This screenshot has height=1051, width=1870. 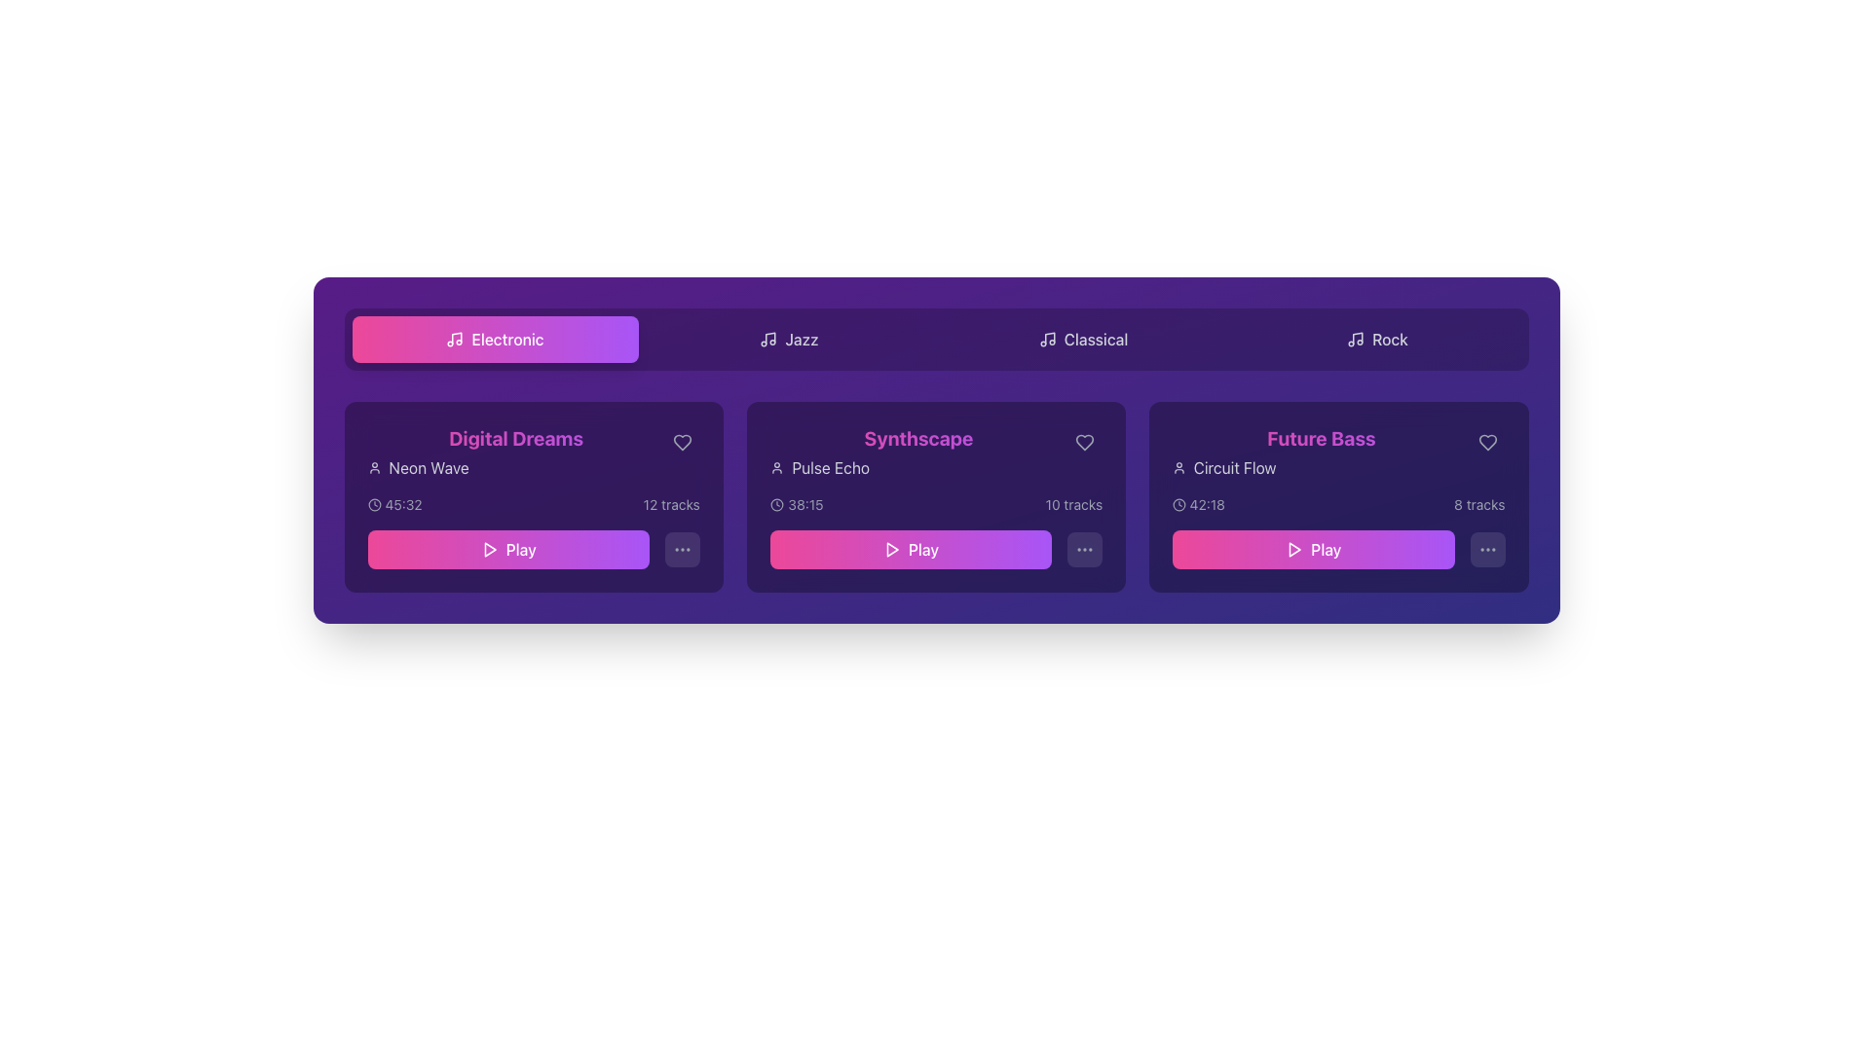 I want to click on the button located, so click(x=1486, y=549).